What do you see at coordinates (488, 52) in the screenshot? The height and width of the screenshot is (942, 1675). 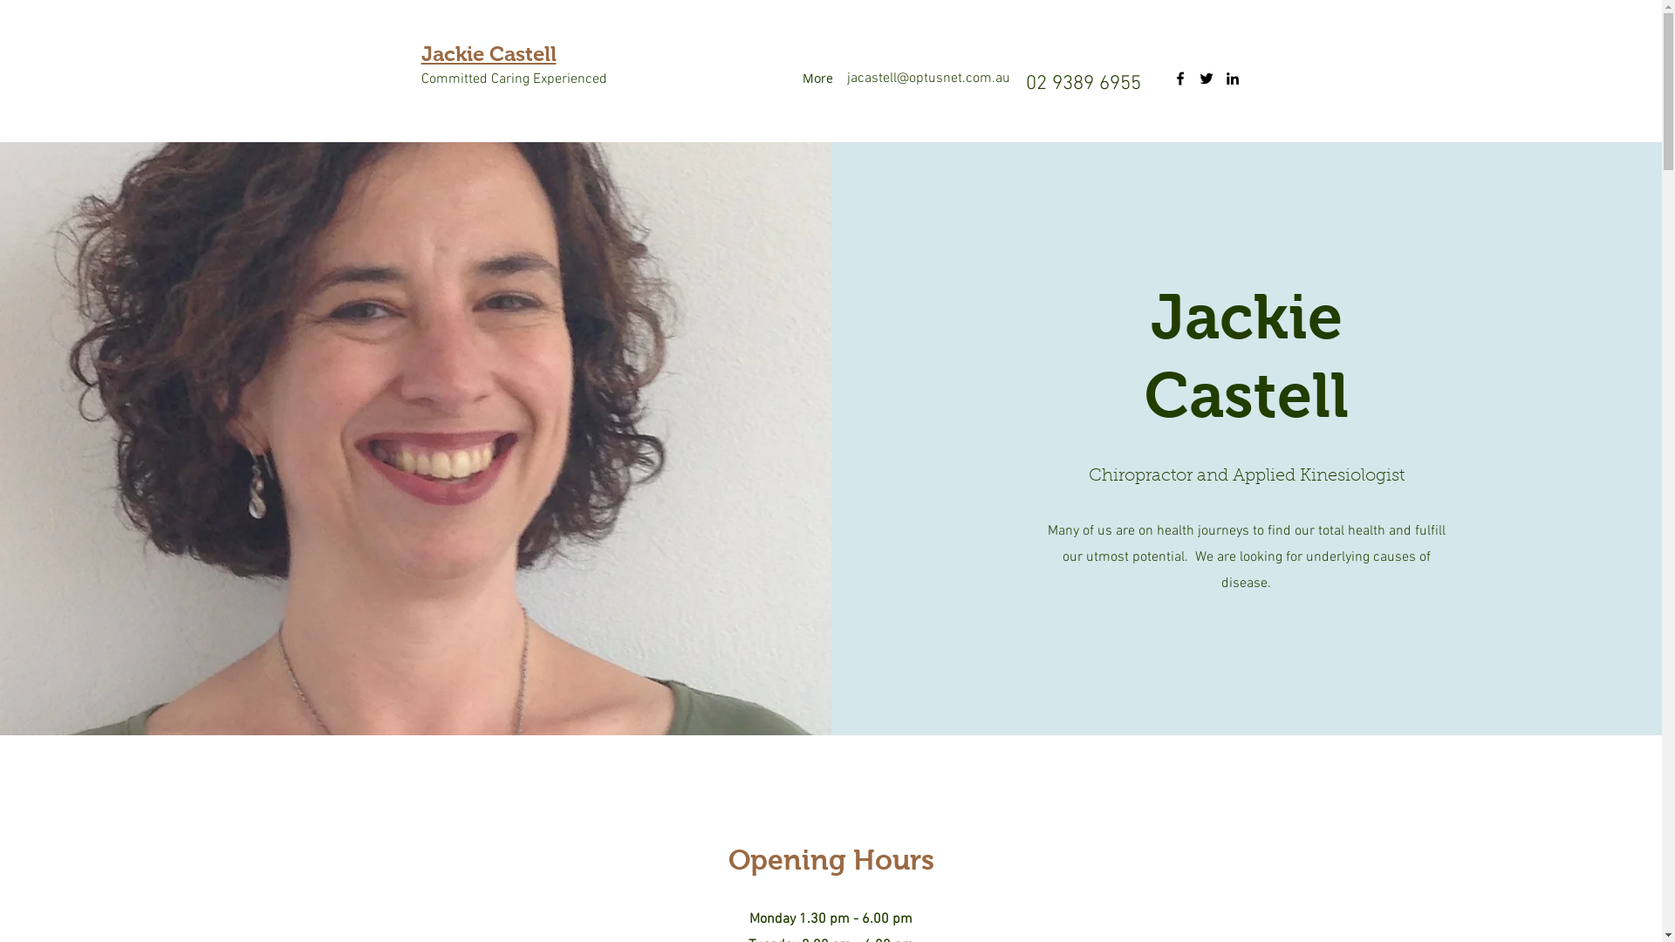 I see `'Jackie Castell'` at bounding box center [488, 52].